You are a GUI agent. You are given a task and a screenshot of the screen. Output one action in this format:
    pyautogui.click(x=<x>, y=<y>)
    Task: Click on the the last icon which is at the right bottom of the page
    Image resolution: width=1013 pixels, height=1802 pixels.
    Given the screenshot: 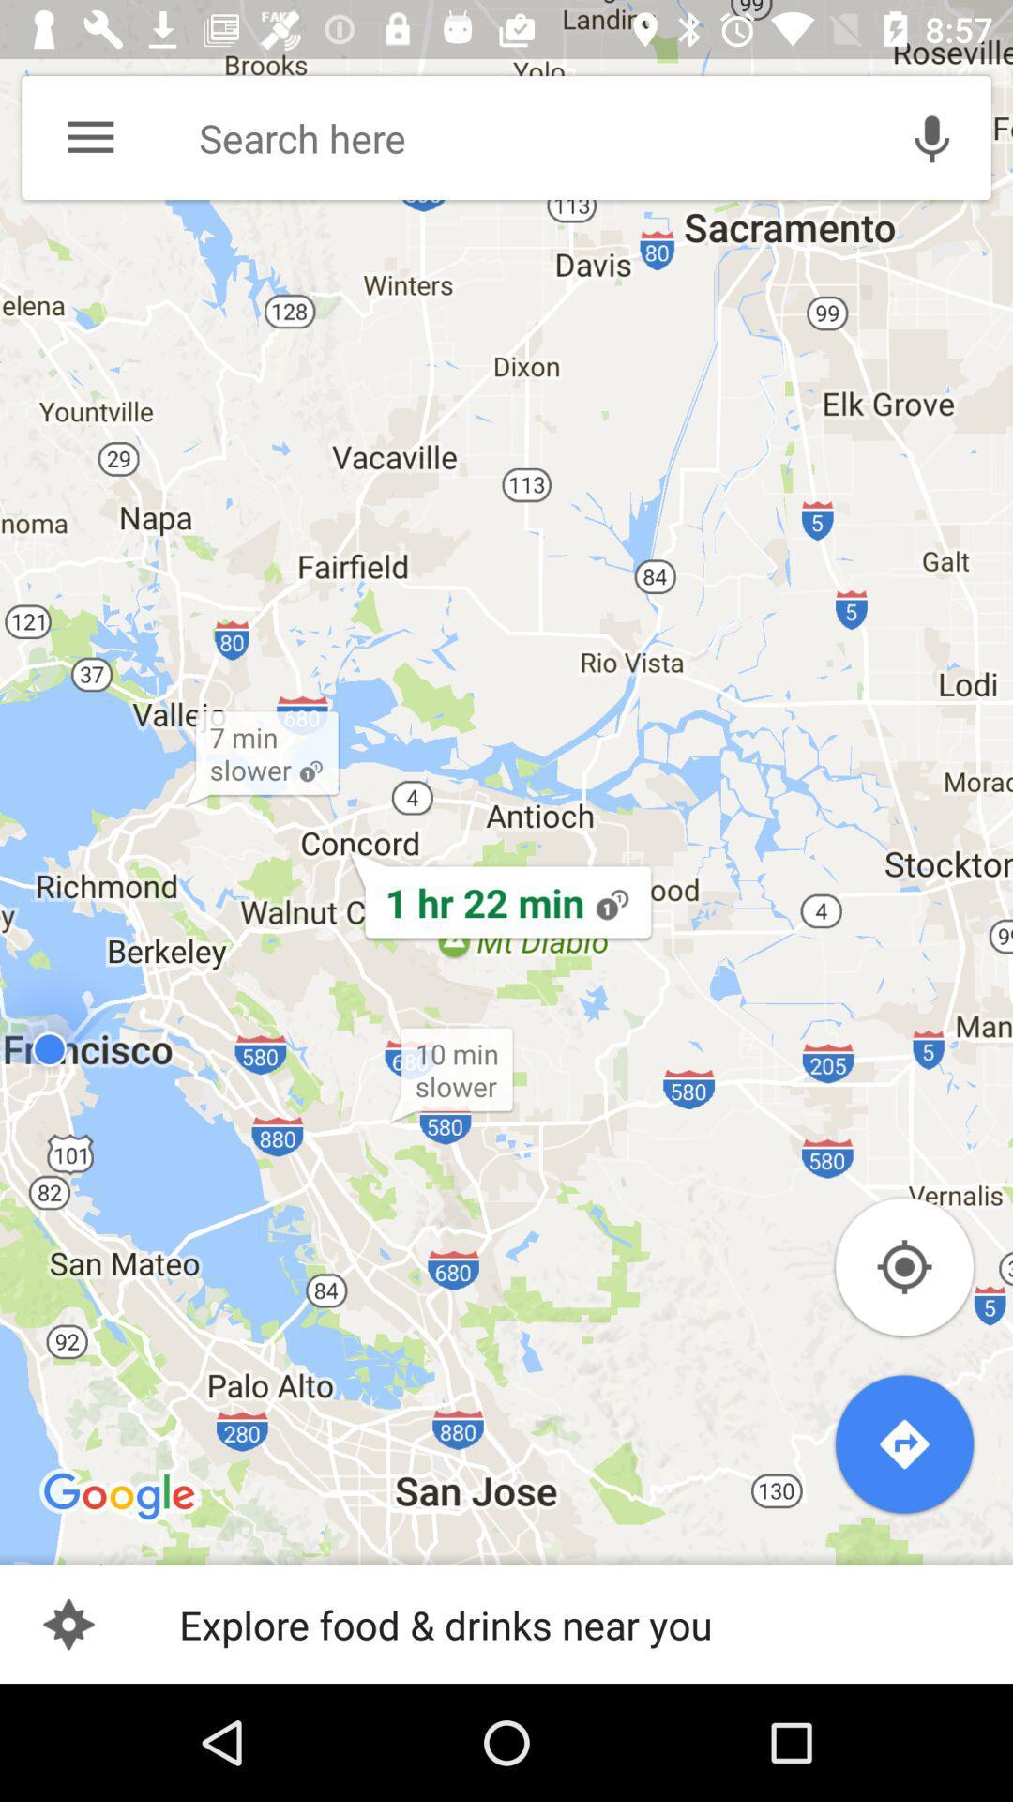 What is the action you would take?
    pyautogui.click(x=903, y=1443)
    